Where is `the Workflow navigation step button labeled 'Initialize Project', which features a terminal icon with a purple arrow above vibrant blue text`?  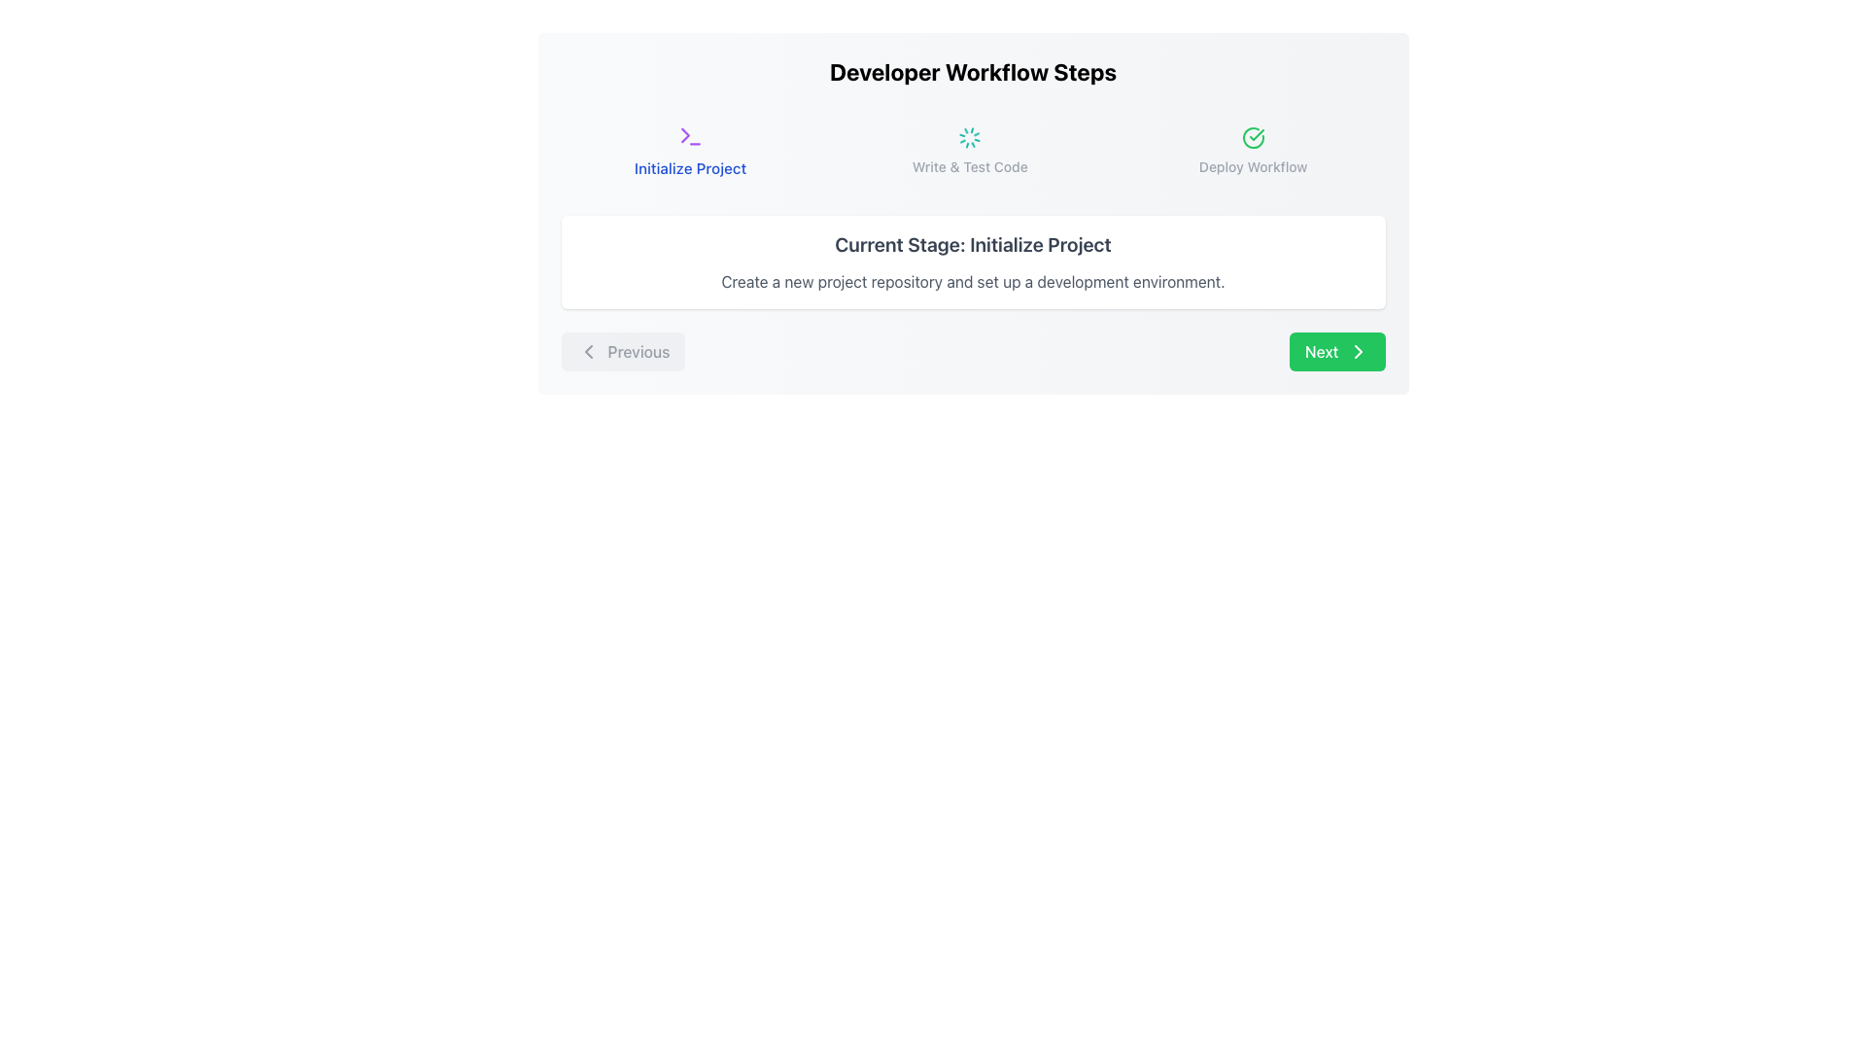
the Workflow navigation step button labeled 'Initialize Project', which features a terminal icon with a purple arrow above vibrant blue text is located at coordinates (690, 150).